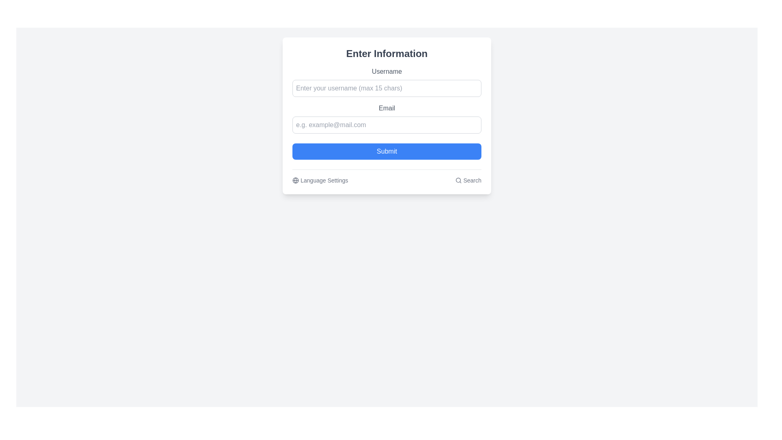 The image size is (782, 440). What do you see at coordinates (468, 180) in the screenshot?
I see `the informative label with icon located at the bottom right of the interface, next to 'Language Settings'` at bounding box center [468, 180].